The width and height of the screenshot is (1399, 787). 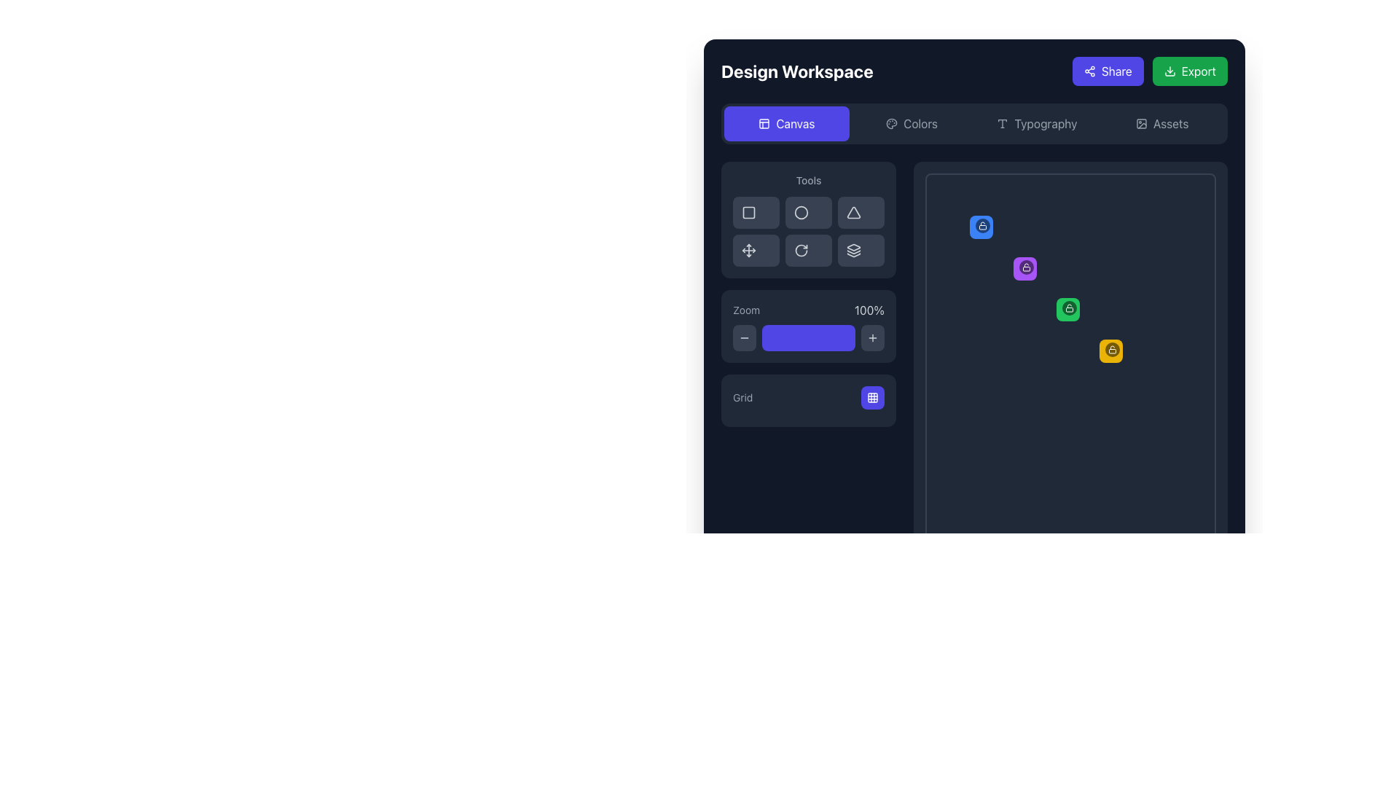 I want to click on or drag the zoom control bar located at the bottom section of the interface to adjust the zoom level, so click(x=807, y=337).